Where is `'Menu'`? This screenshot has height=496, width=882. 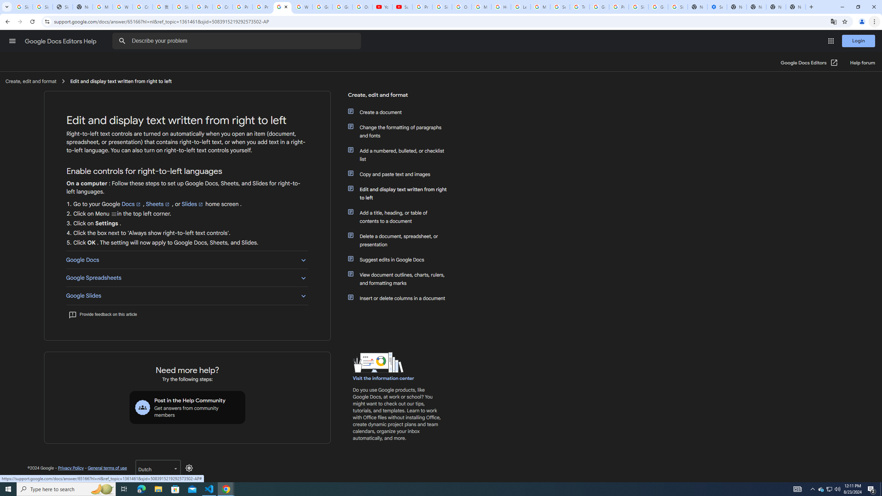
'Menu' is located at coordinates (114, 214).